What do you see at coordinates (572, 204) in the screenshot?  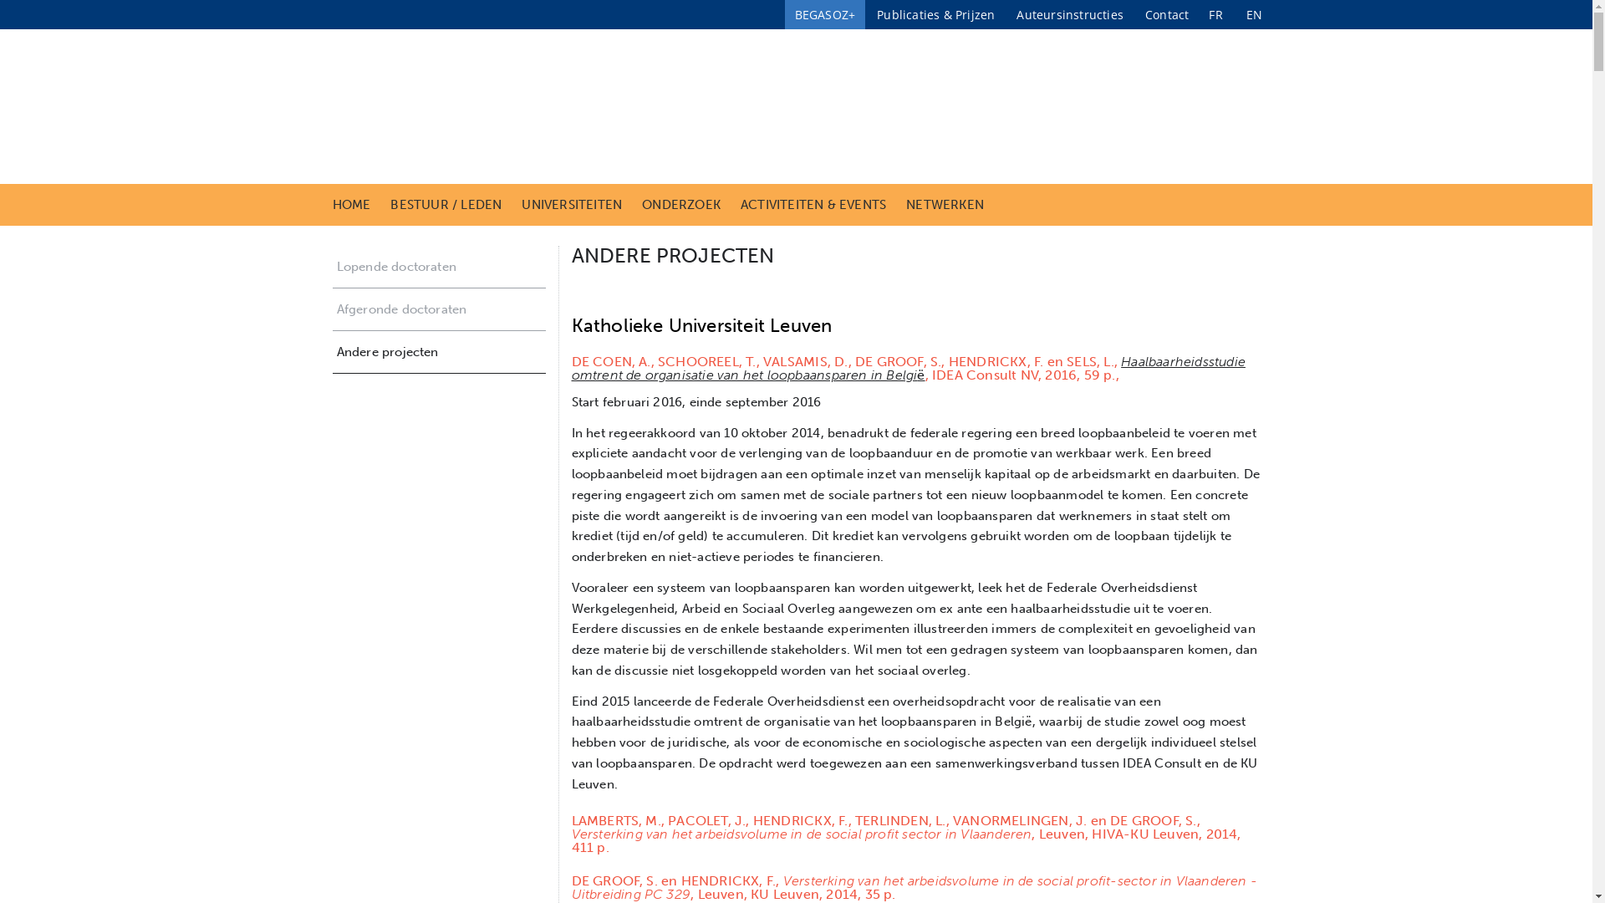 I see `'UNIVERSITEITEN'` at bounding box center [572, 204].